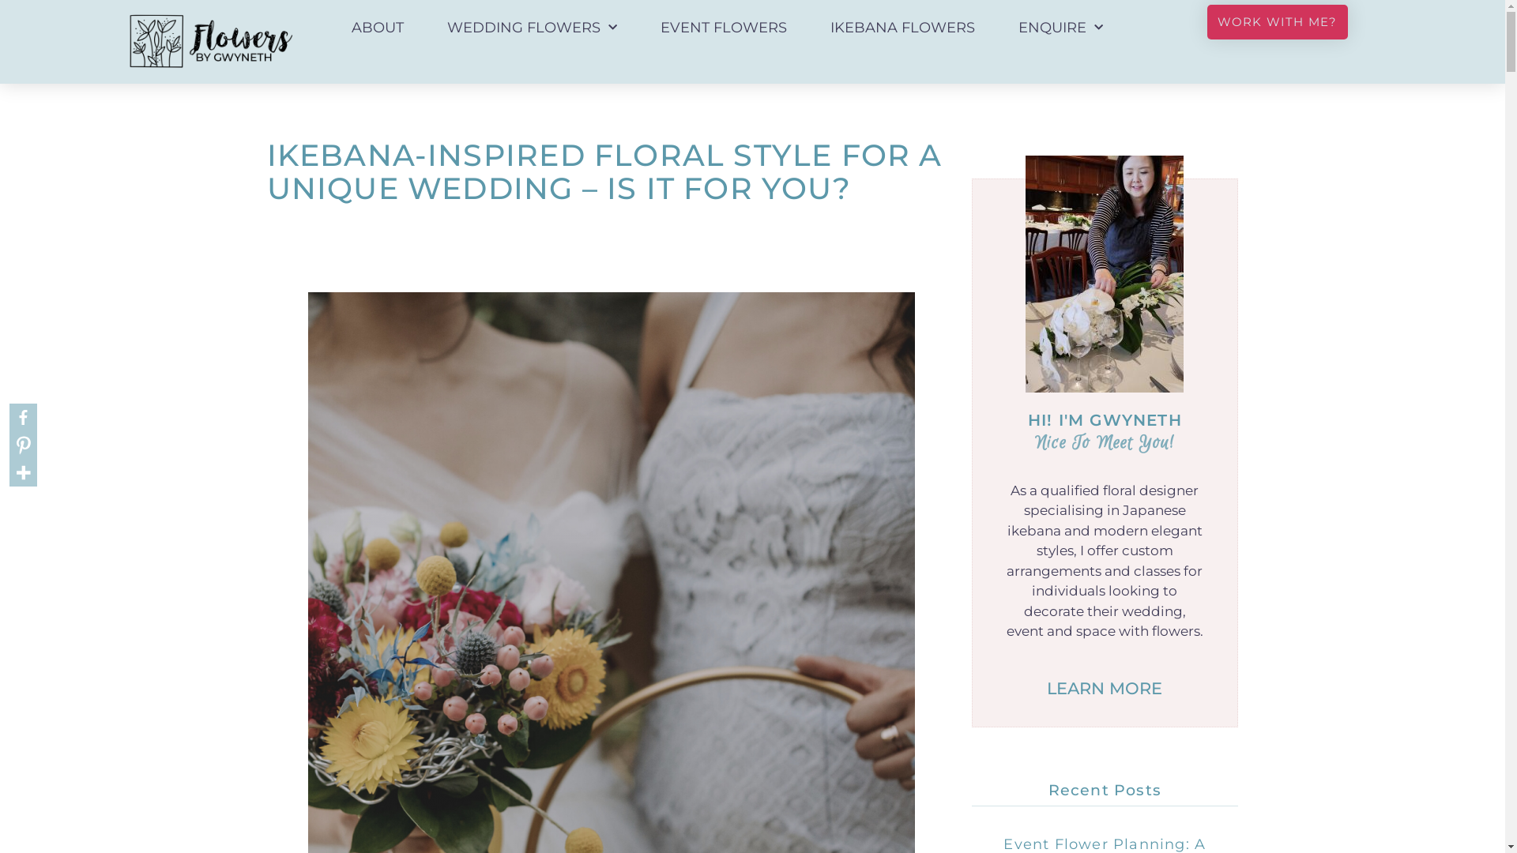 Image resolution: width=1517 pixels, height=853 pixels. I want to click on 'LEARN MORE', so click(1103, 687).